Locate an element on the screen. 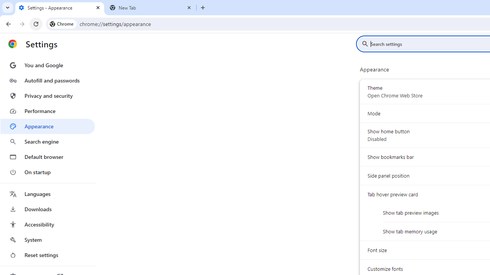  'Autofill and passwords' is located at coordinates (47, 80).